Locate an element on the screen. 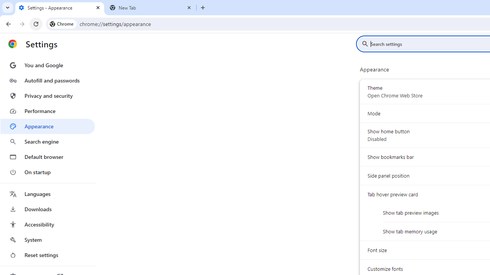  'Autofill and passwords' is located at coordinates (47, 80).